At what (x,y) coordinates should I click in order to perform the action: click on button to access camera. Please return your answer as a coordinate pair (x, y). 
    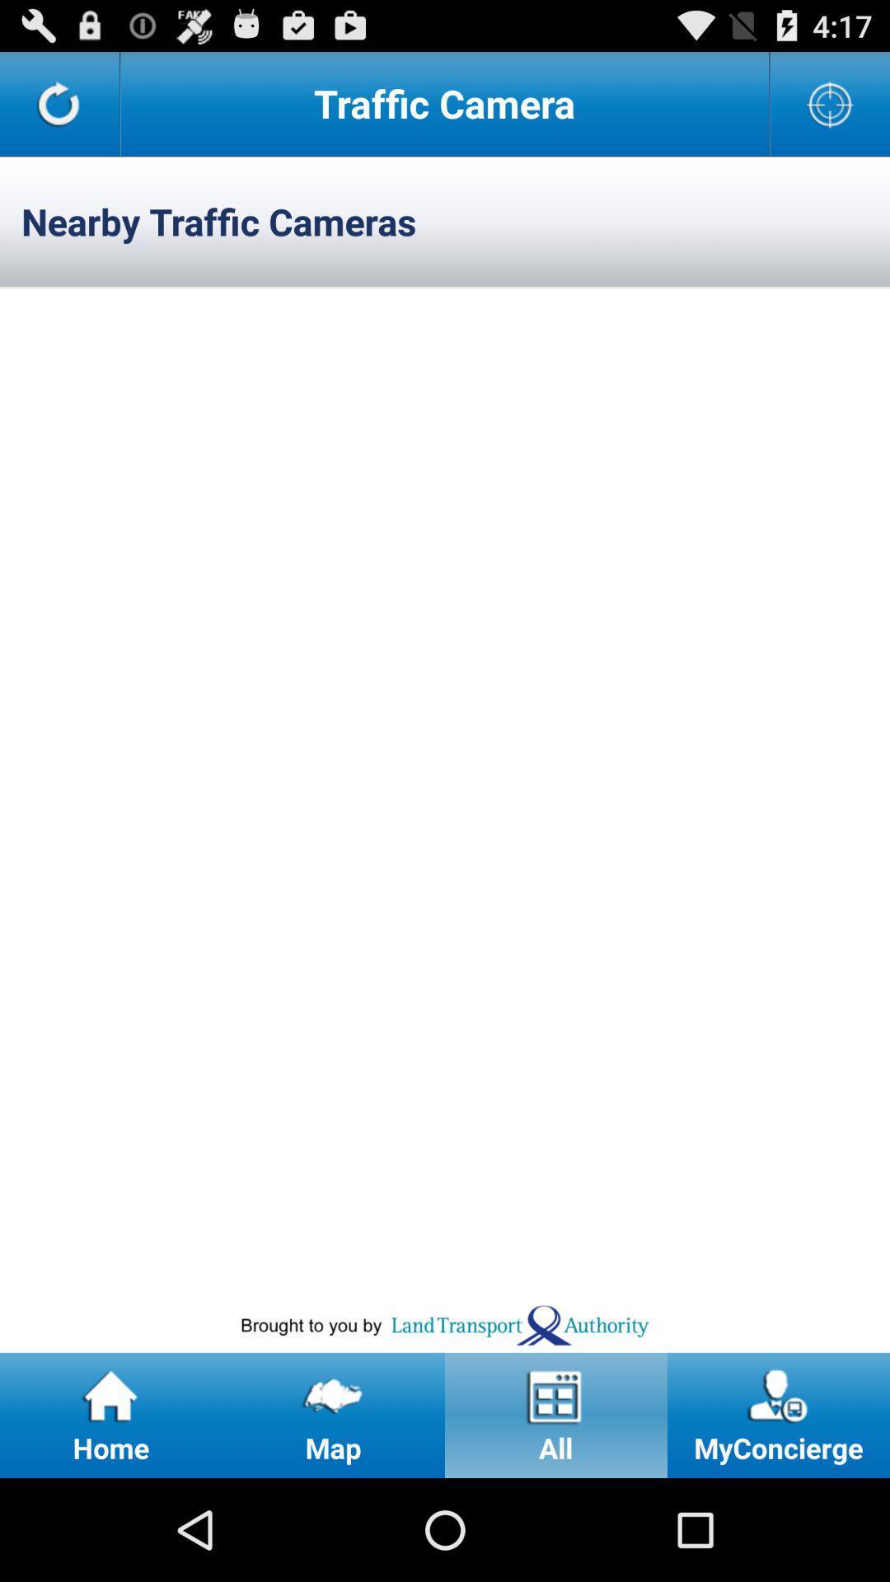
    Looking at the image, I should click on (830, 102).